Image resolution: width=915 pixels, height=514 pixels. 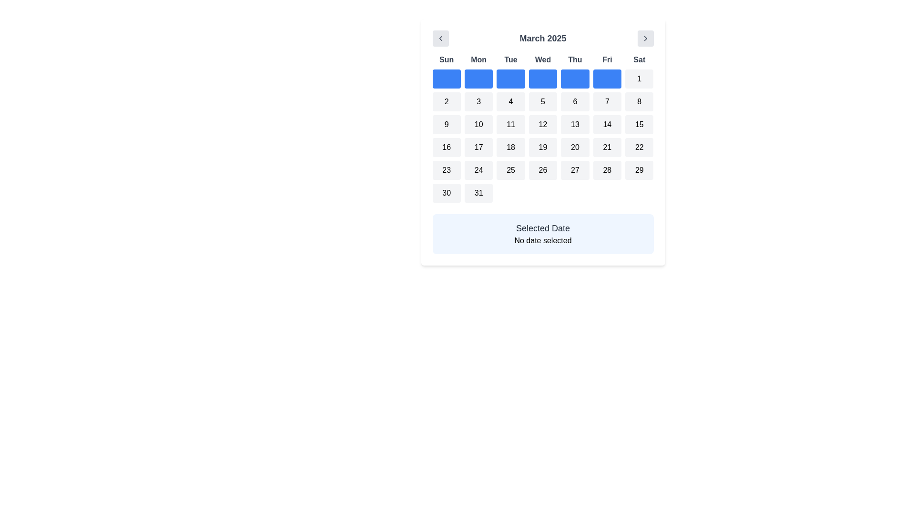 What do you see at coordinates (574, 78) in the screenshot?
I see `the blue button with rounded edges located under the 'Thu' column in the calendar grid` at bounding box center [574, 78].